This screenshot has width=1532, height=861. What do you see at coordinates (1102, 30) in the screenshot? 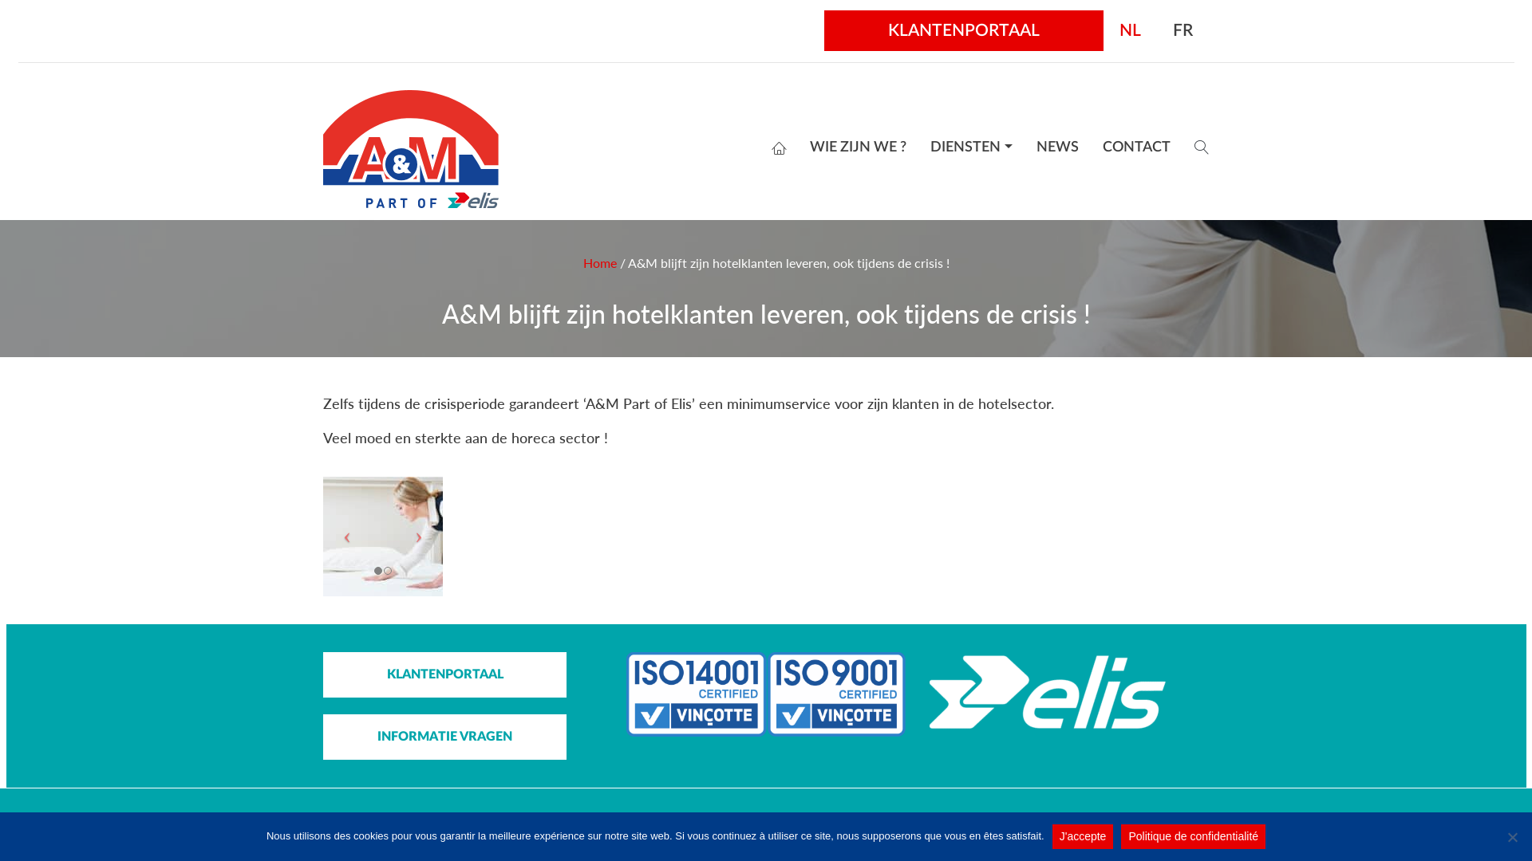
I see `'NL'` at bounding box center [1102, 30].